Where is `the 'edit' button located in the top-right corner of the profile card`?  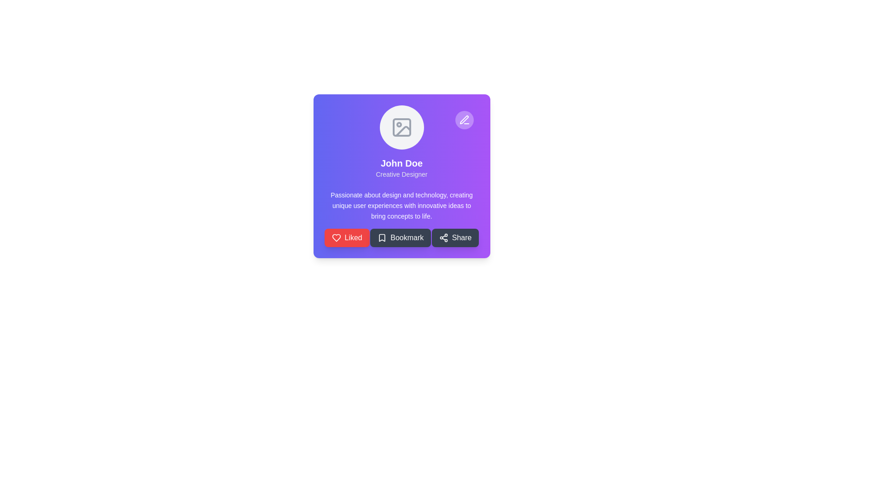 the 'edit' button located in the top-right corner of the profile card is located at coordinates (464, 120).